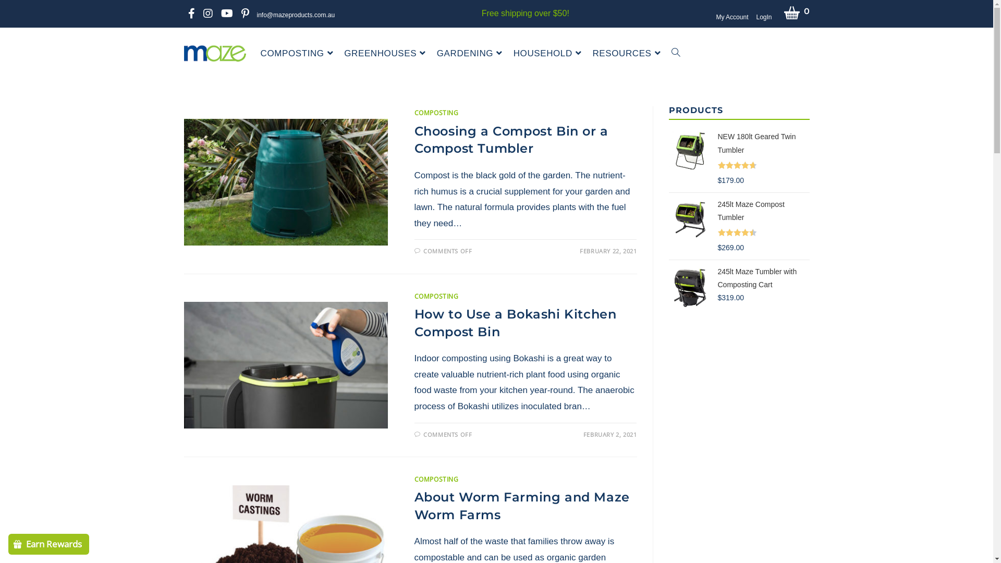 The image size is (1001, 563). Describe the element at coordinates (385, 54) in the screenshot. I see `'GREENHOUSES'` at that location.